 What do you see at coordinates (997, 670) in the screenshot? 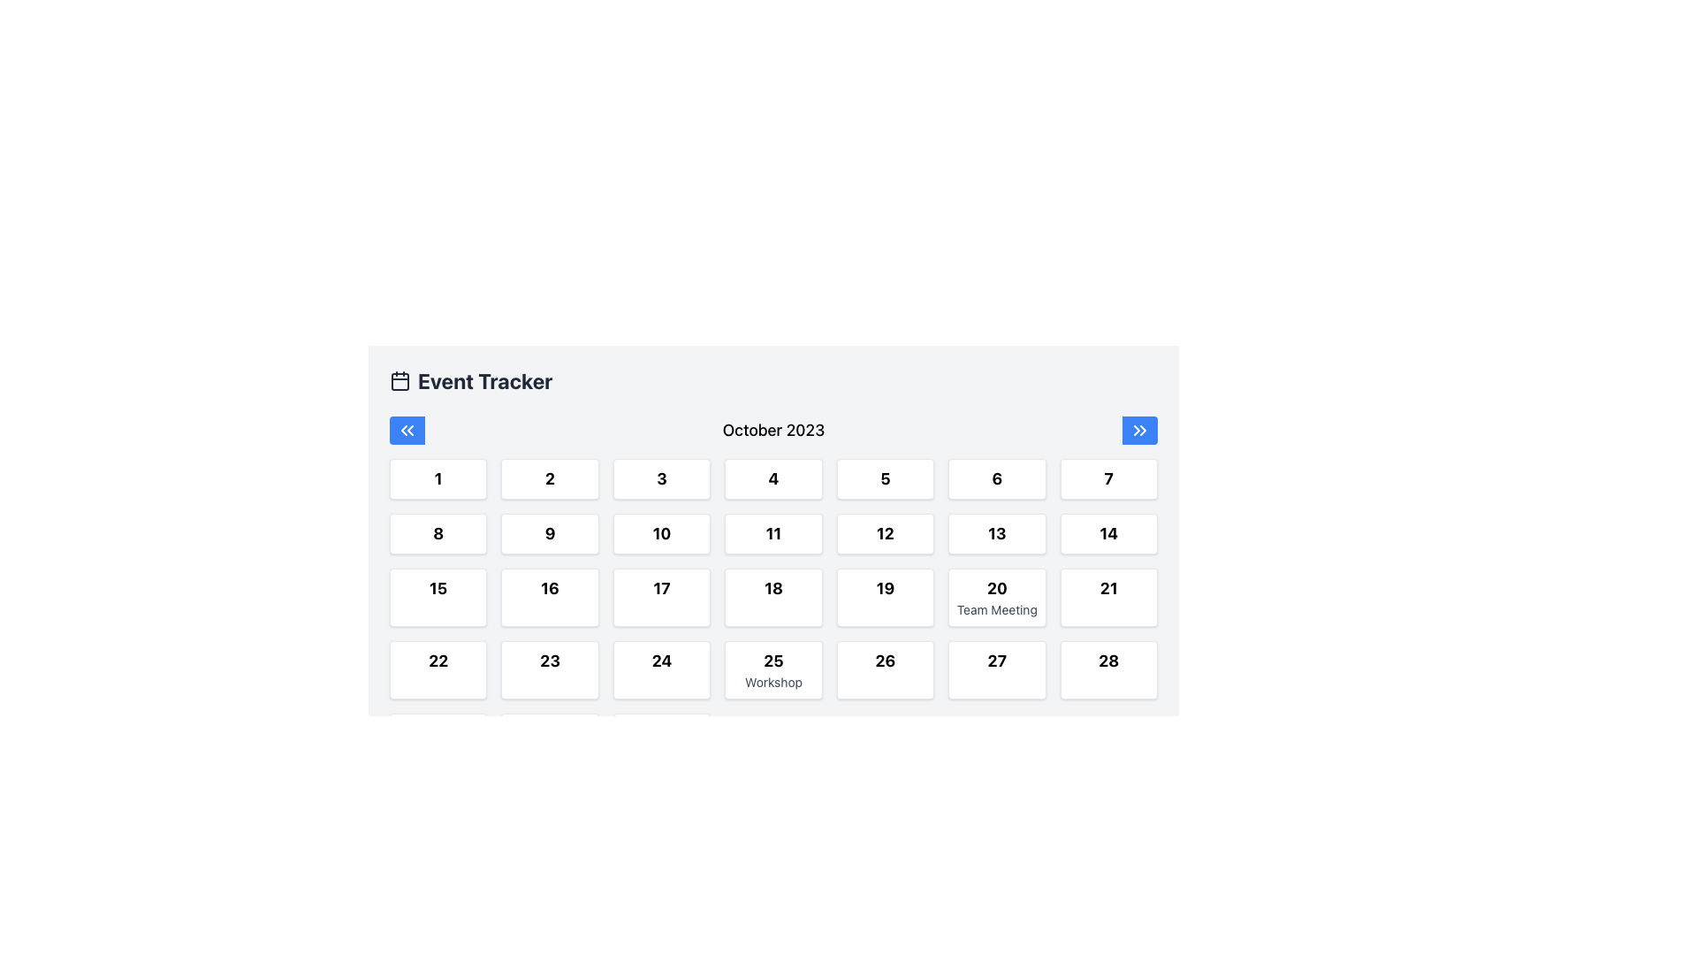
I see `the Date cell displaying the number '27' in bold font, which is the sixth cell in the bottom row of the calendar grid` at bounding box center [997, 670].